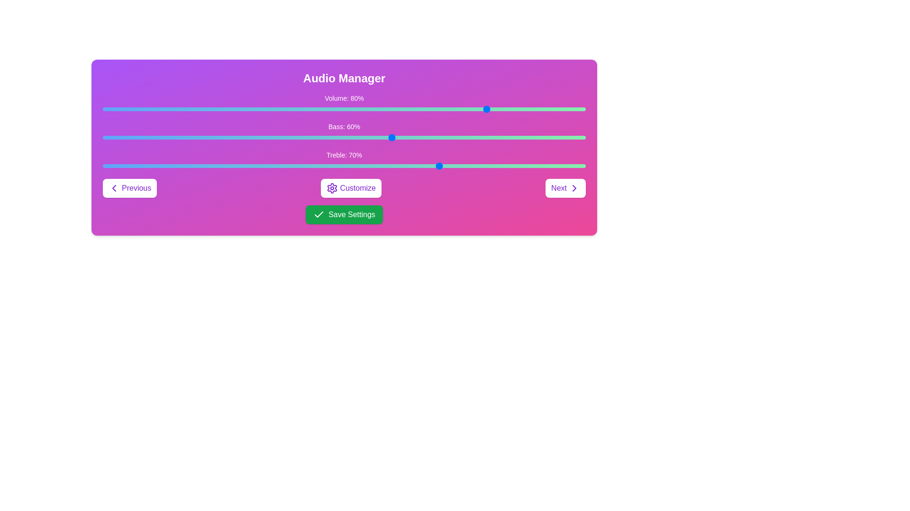 This screenshot has width=910, height=511. Describe the element at coordinates (565, 188) in the screenshot. I see `the 'Next' button located at the bottom right section of the UI to proceed to the next step` at that location.